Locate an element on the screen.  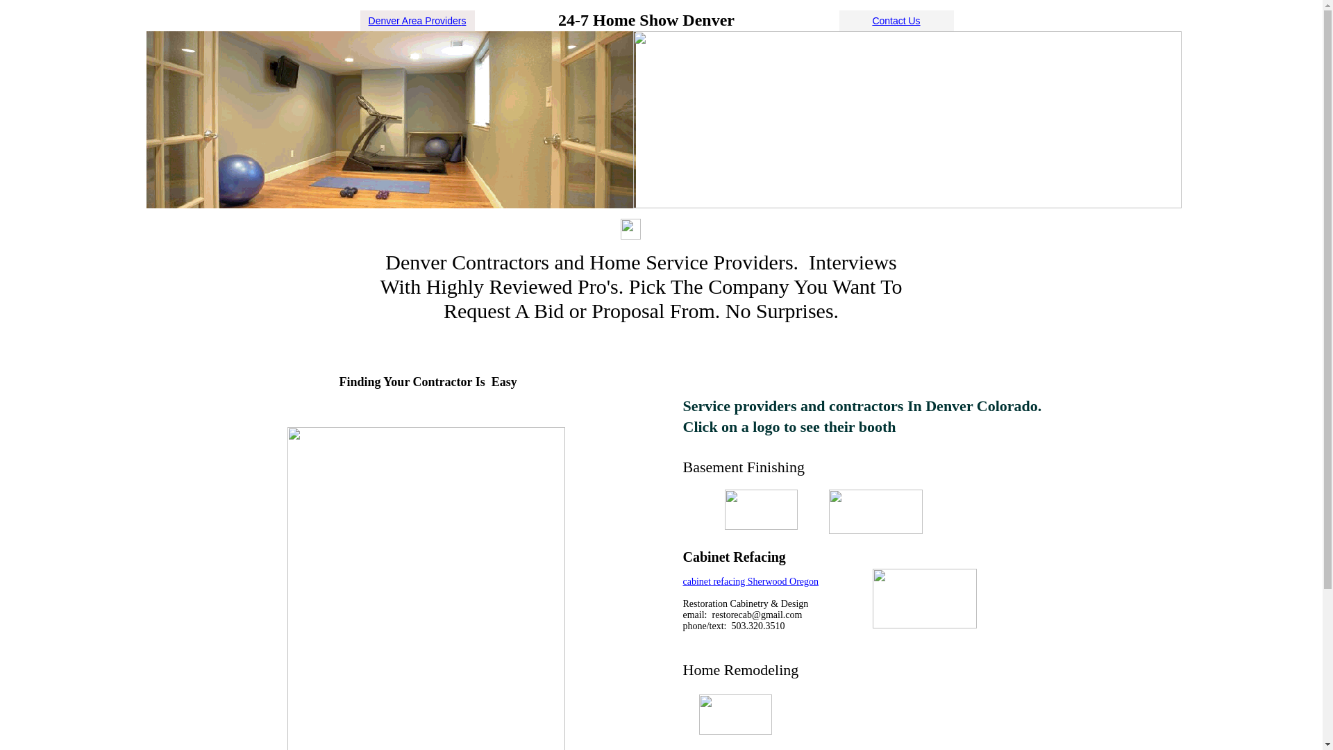
'cabinet refacing Sherwood Oregon' is located at coordinates (750, 581).